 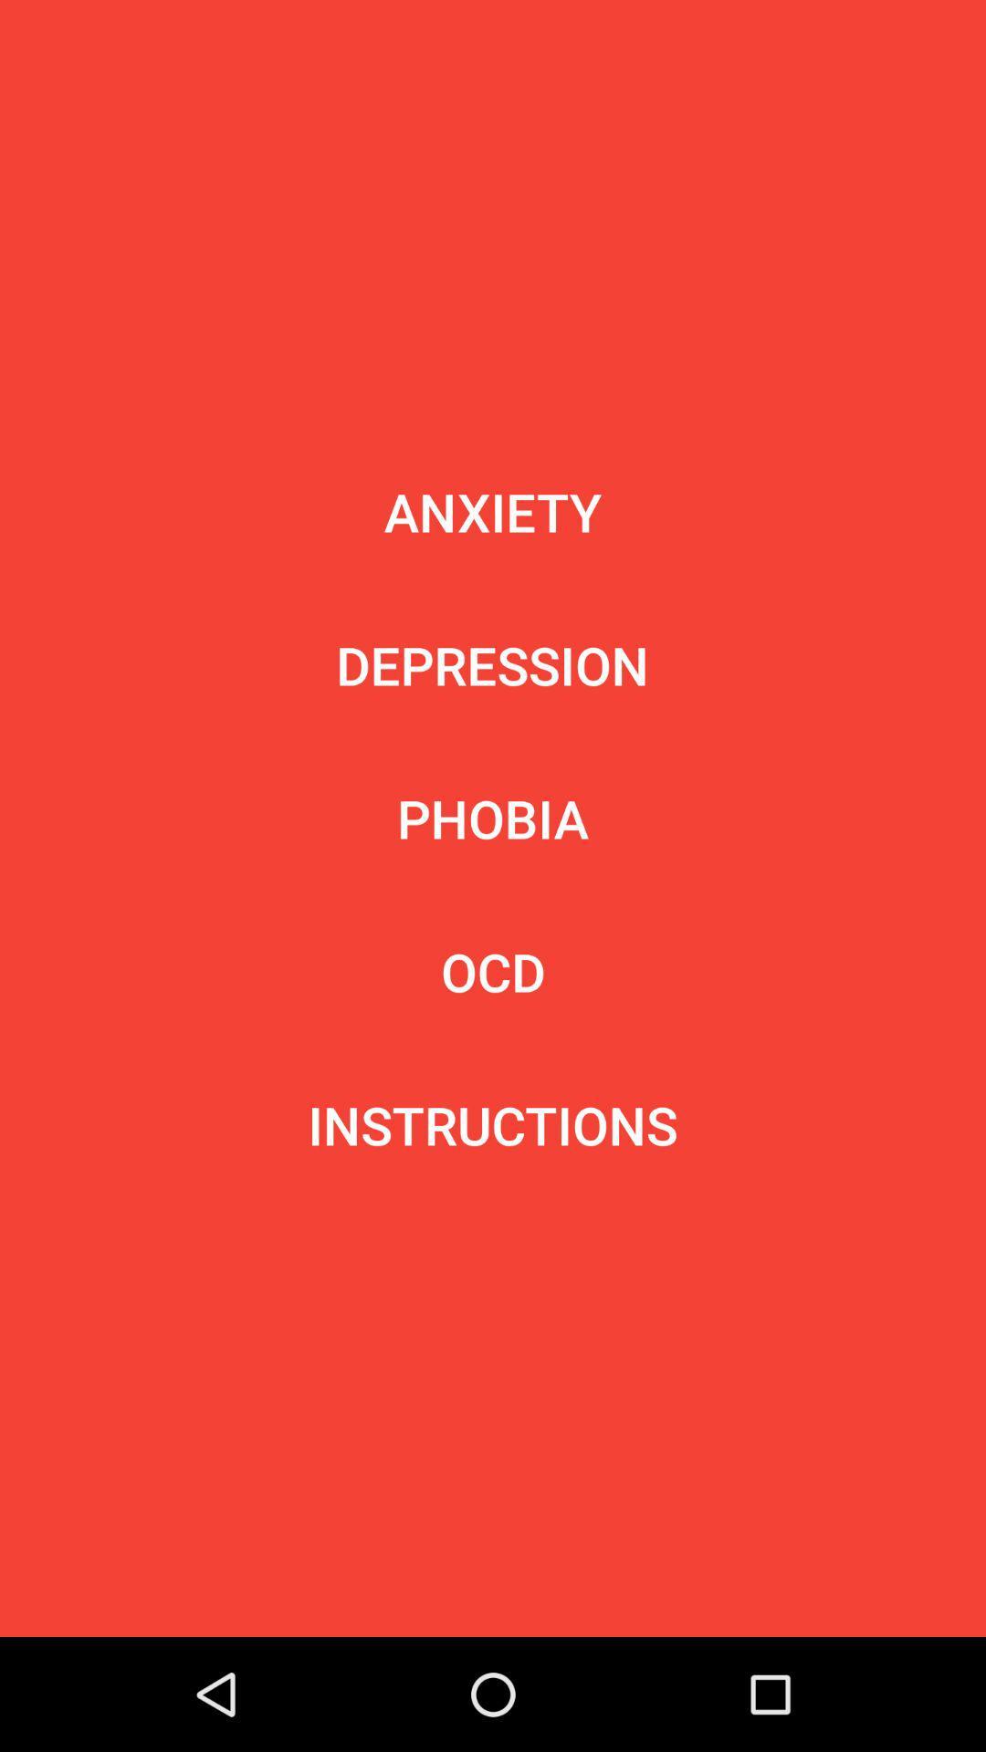 I want to click on item above the instructions, so click(x=493, y=971).